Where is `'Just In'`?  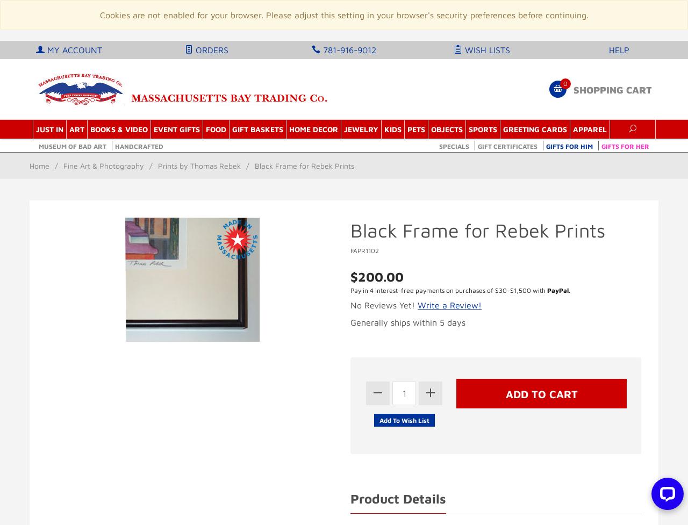
'Just In' is located at coordinates (48, 128).